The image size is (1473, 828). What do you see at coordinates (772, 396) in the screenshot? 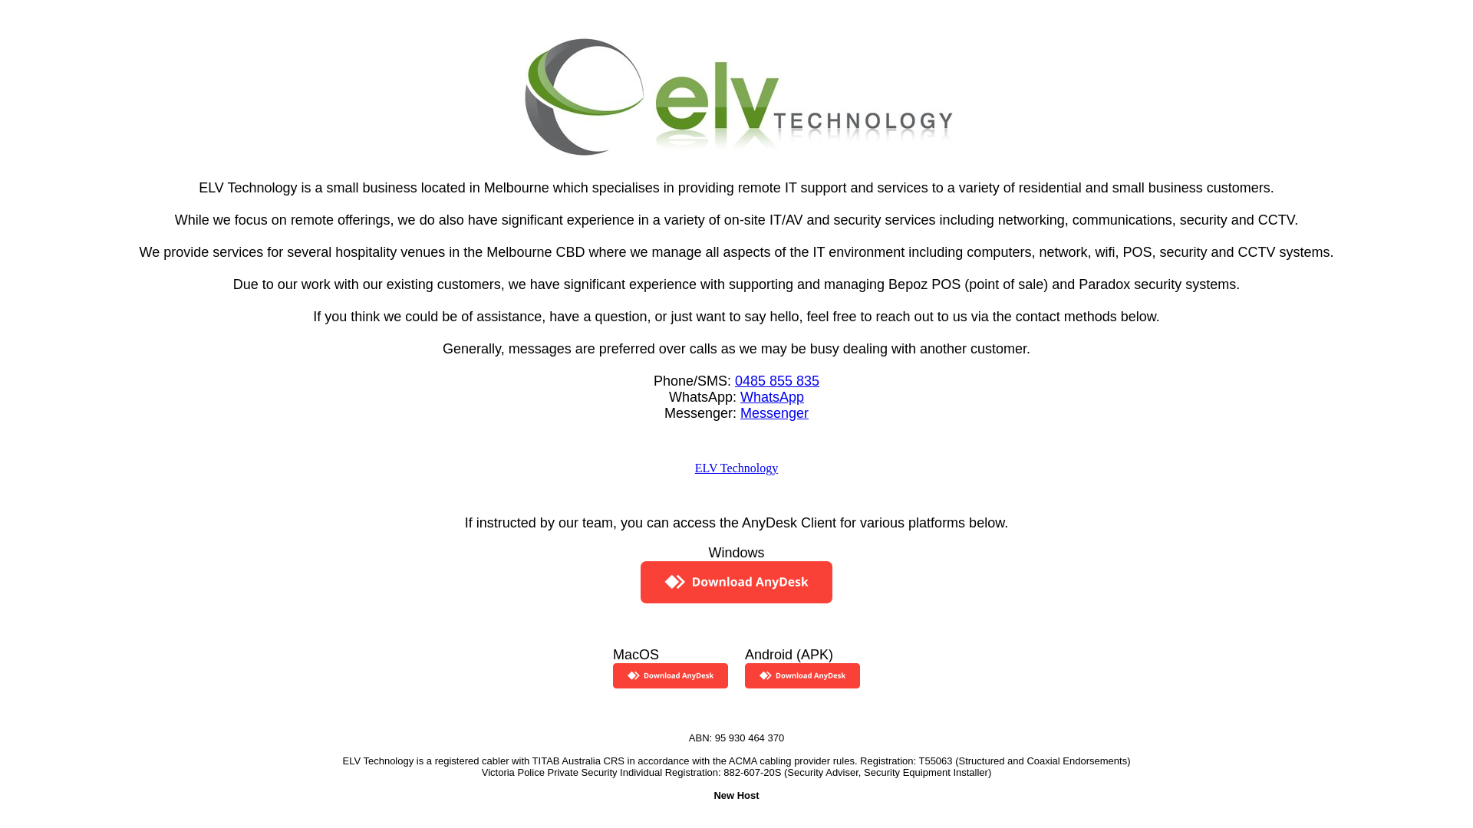
I see `'WhatsApp'` at bounding box center [772, 396].